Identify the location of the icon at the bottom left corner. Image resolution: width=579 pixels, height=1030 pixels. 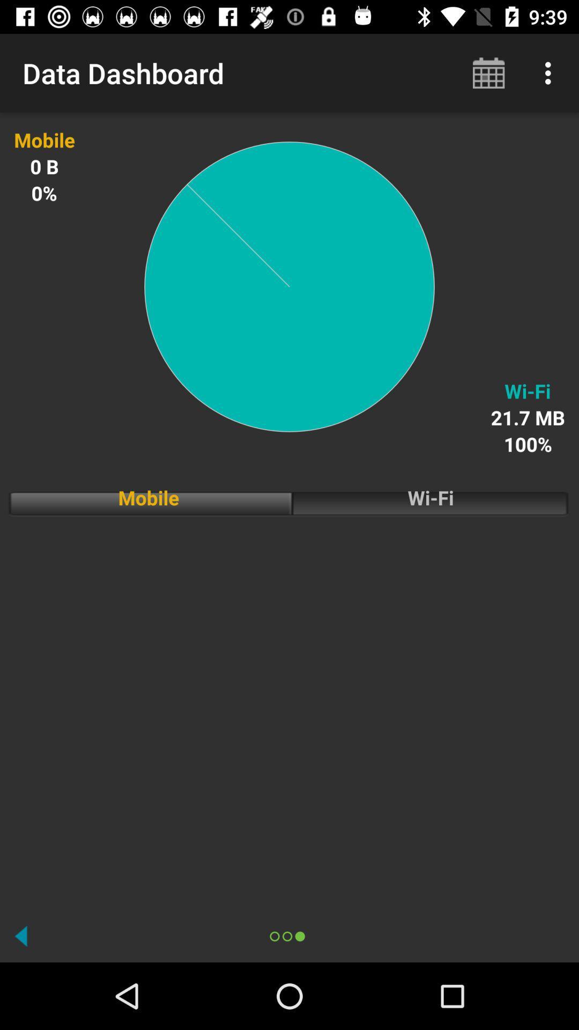
(21, 936).